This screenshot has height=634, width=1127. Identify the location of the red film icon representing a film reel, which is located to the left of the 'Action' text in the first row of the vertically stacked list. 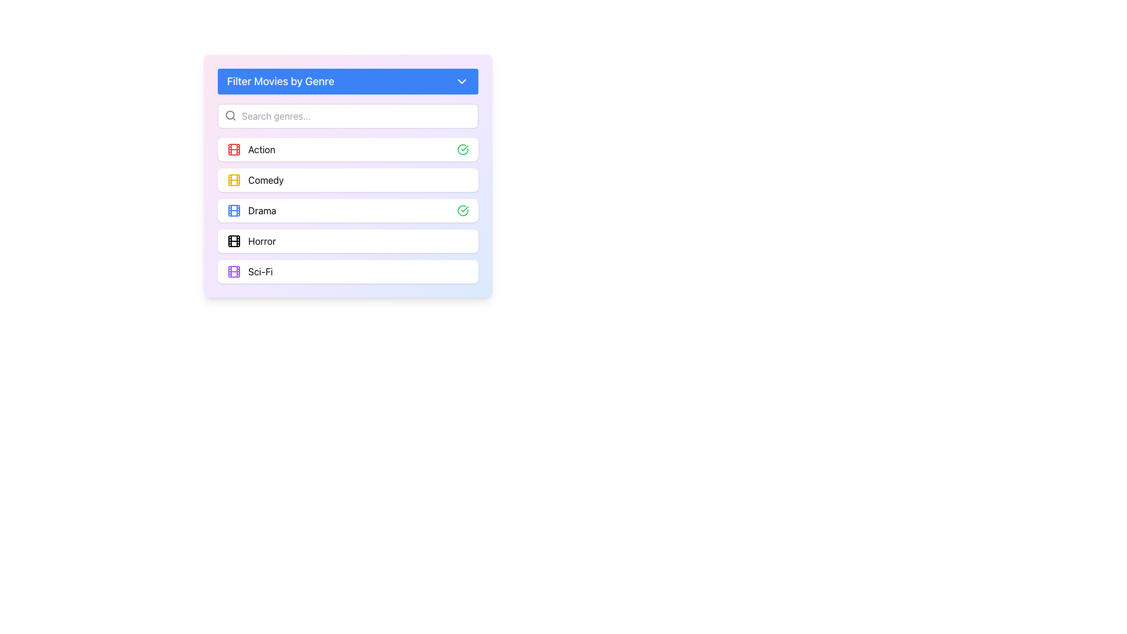
(234, 149).